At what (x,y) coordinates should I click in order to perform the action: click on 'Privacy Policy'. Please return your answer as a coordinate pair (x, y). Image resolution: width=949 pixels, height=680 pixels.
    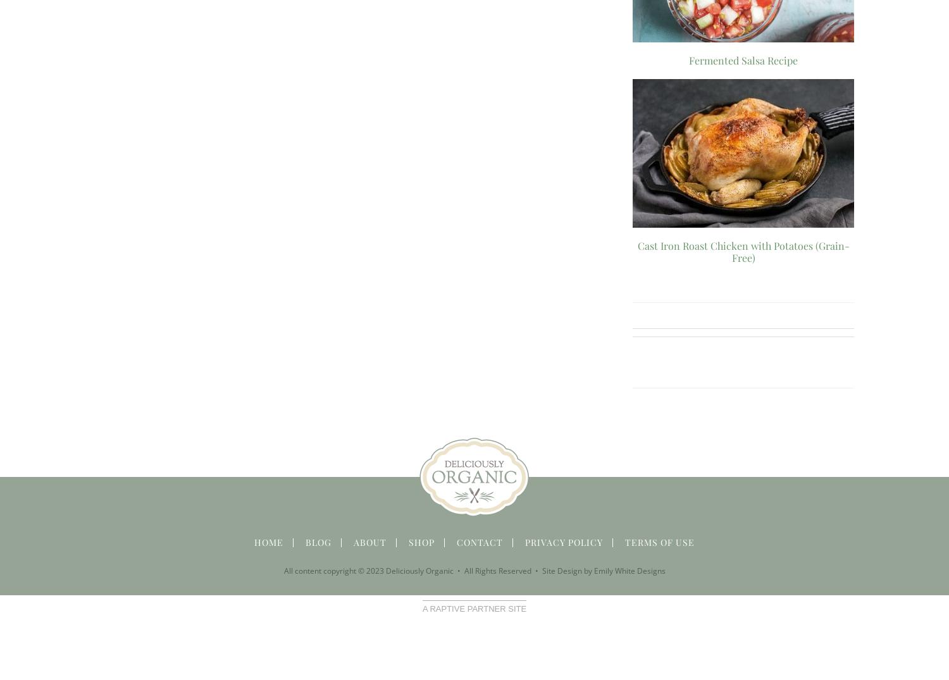
    Looking at the image, I should click on (564, 541).